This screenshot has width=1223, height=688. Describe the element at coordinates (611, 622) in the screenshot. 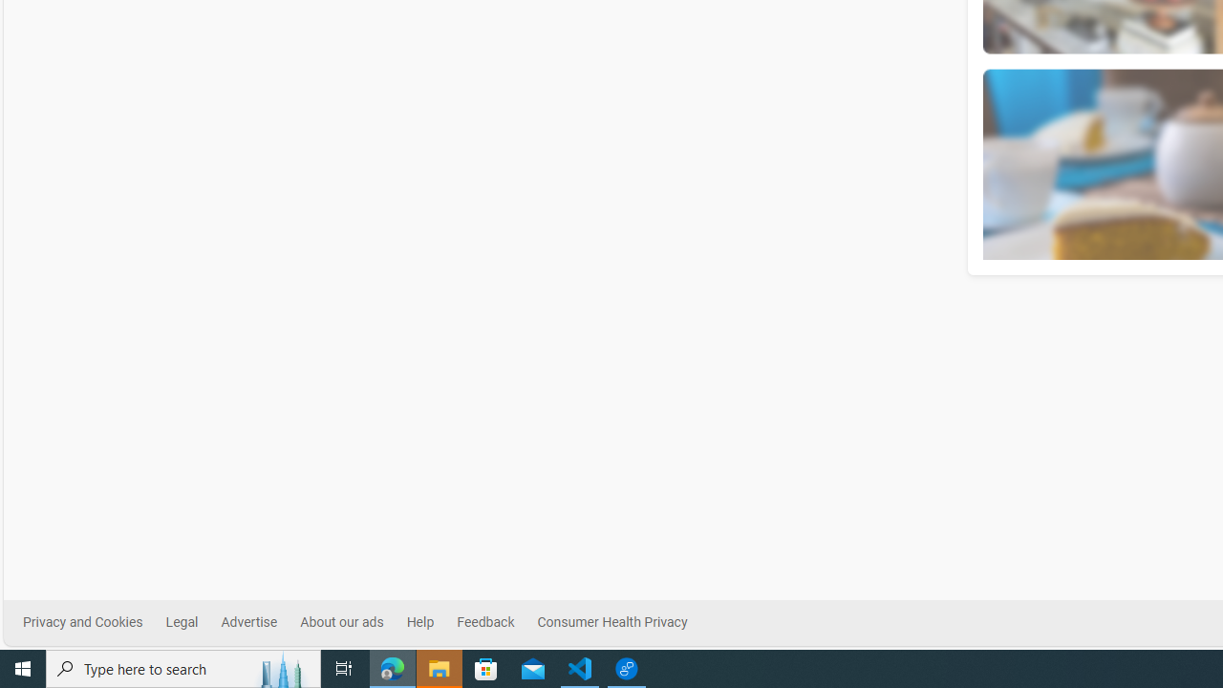

I see `'Consumer Health Privacy'` at that location.